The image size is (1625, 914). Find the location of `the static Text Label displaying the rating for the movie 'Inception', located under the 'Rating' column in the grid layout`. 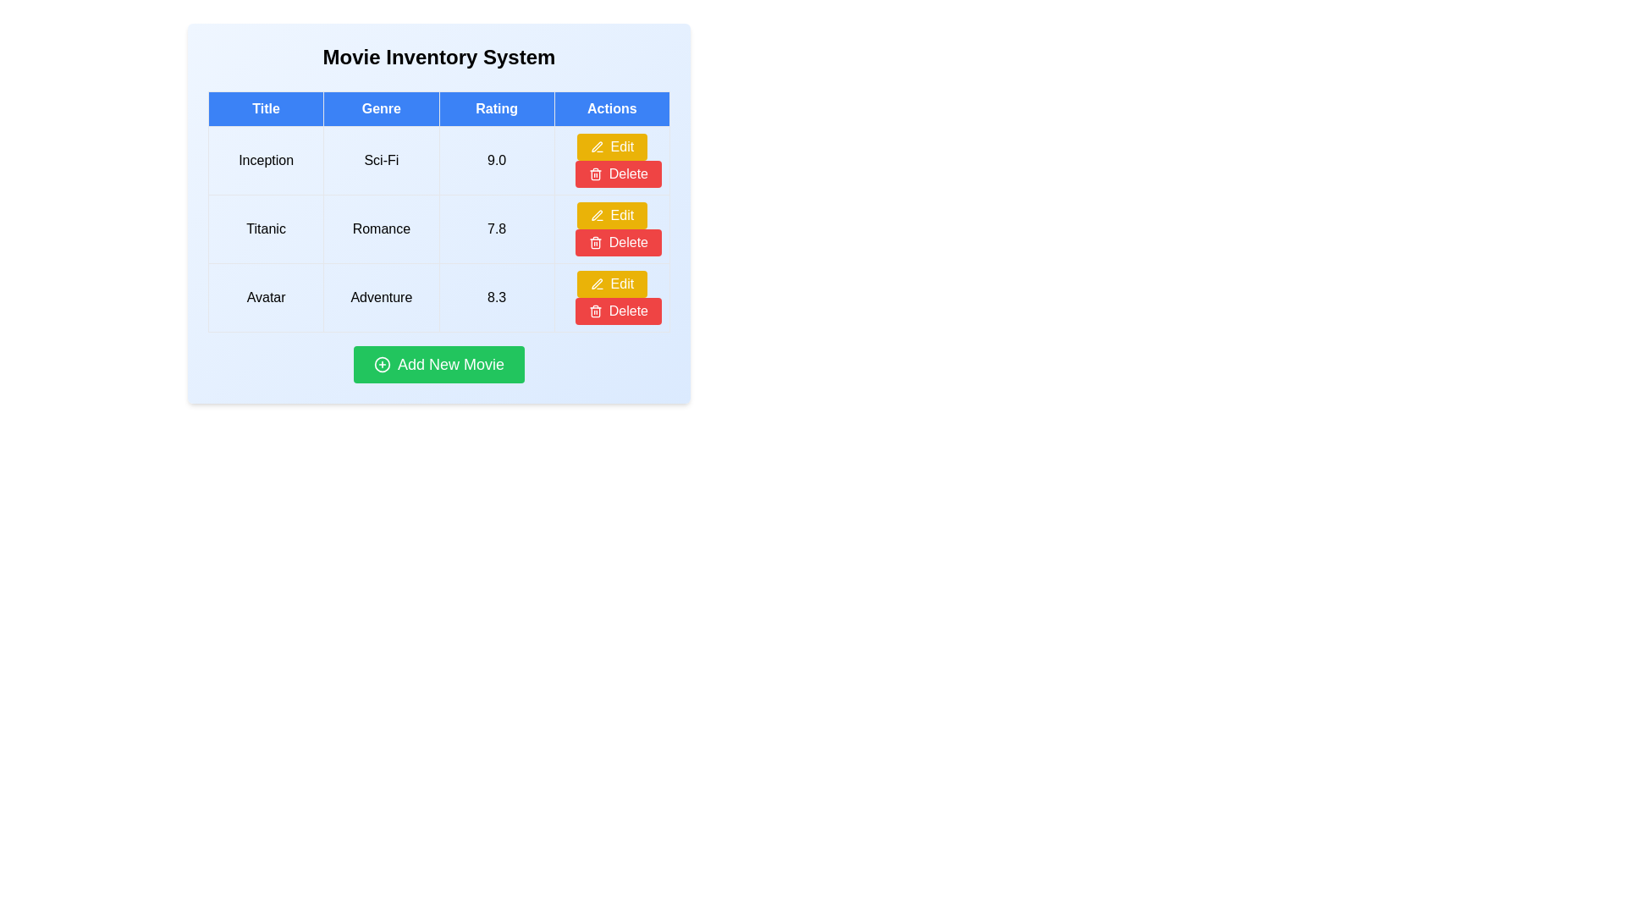

the static Text Label displaying the rating for the movie 'Inception', located under the 'Rating' column in the grid layout is located at coordinates (496, 160).